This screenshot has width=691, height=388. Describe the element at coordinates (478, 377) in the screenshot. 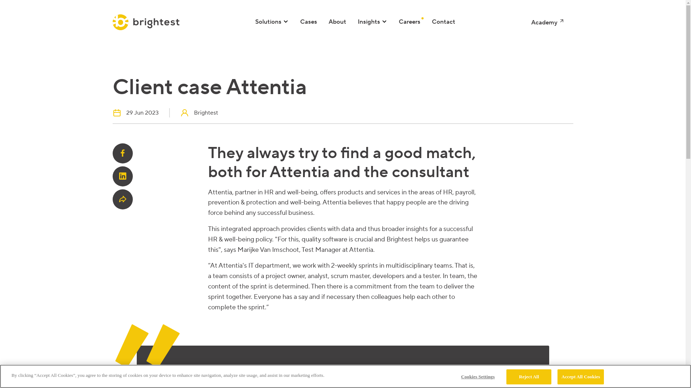

I see `'Cookies Settings'` at that location.